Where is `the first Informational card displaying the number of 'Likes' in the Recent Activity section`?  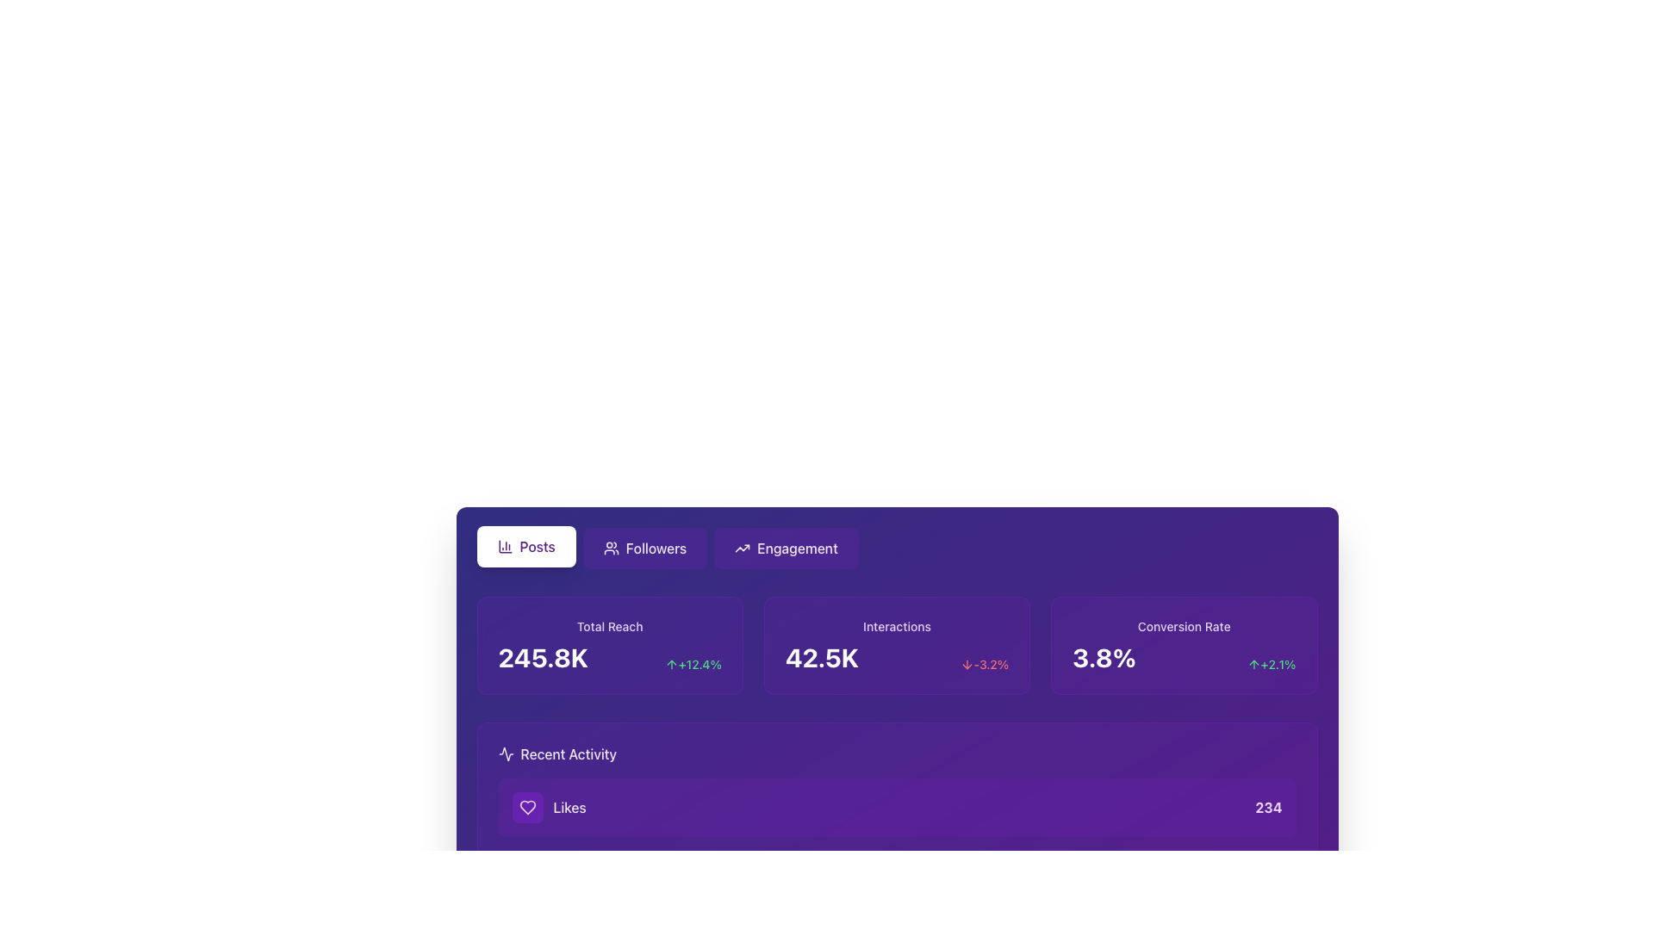
the first Informational card displaying the number of 'Likes' in the Recent Activity section is located at coordinates (896, 807).